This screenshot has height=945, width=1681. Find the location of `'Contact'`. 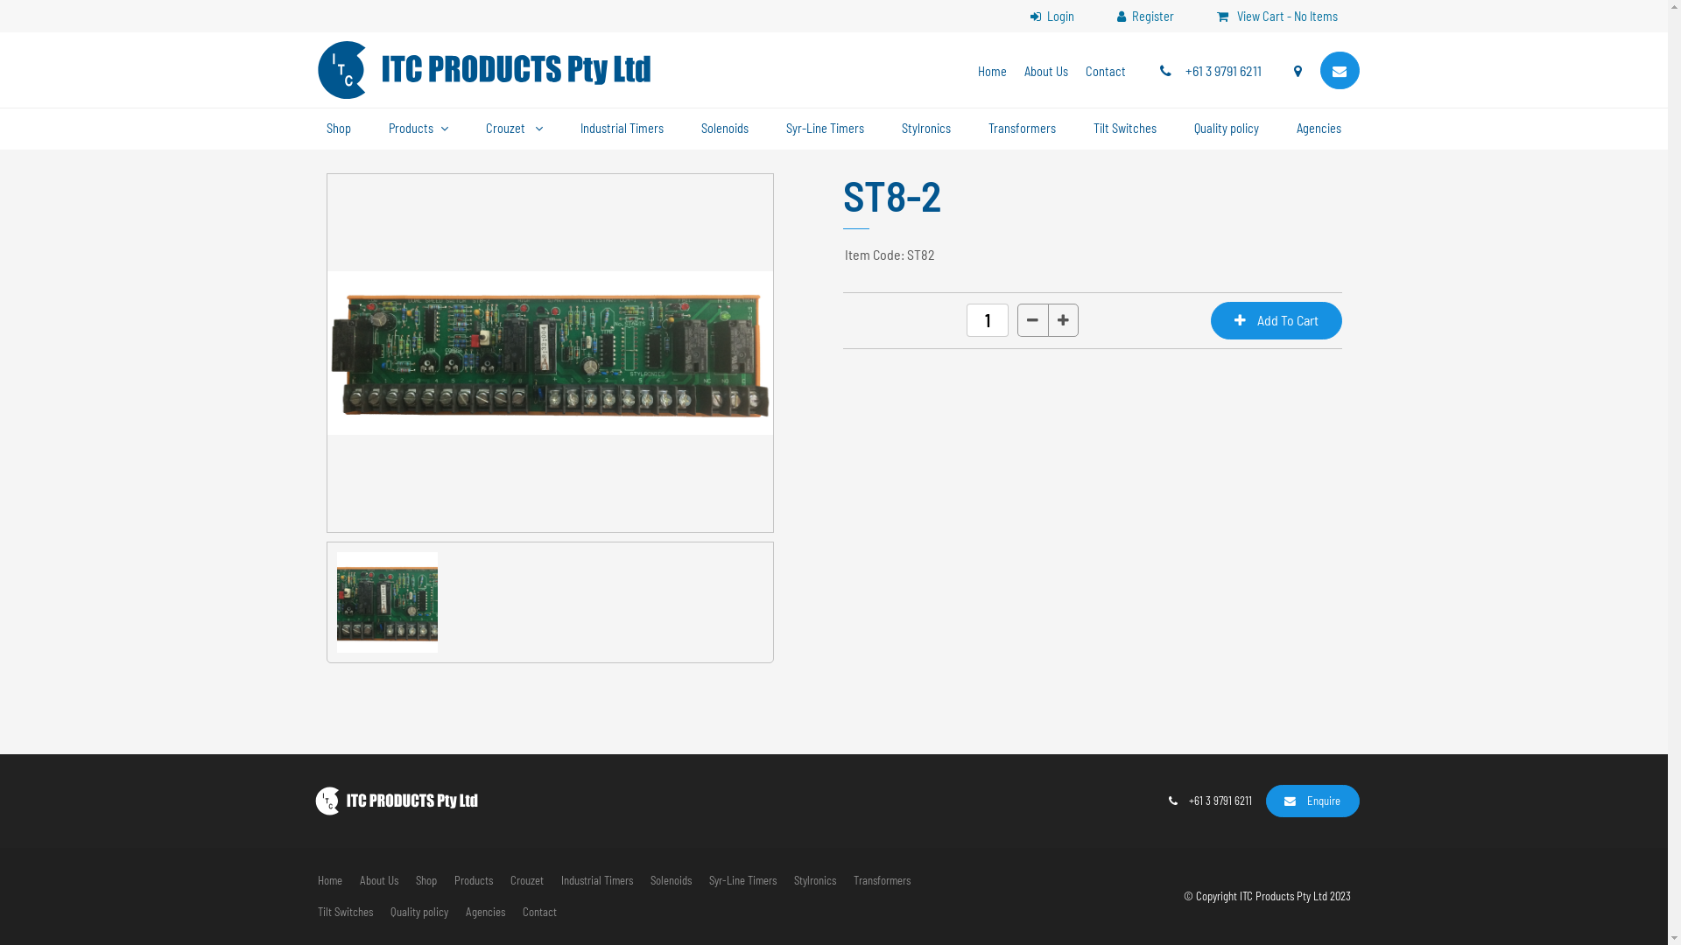

'Contact' is located at coordinates (538, 911).